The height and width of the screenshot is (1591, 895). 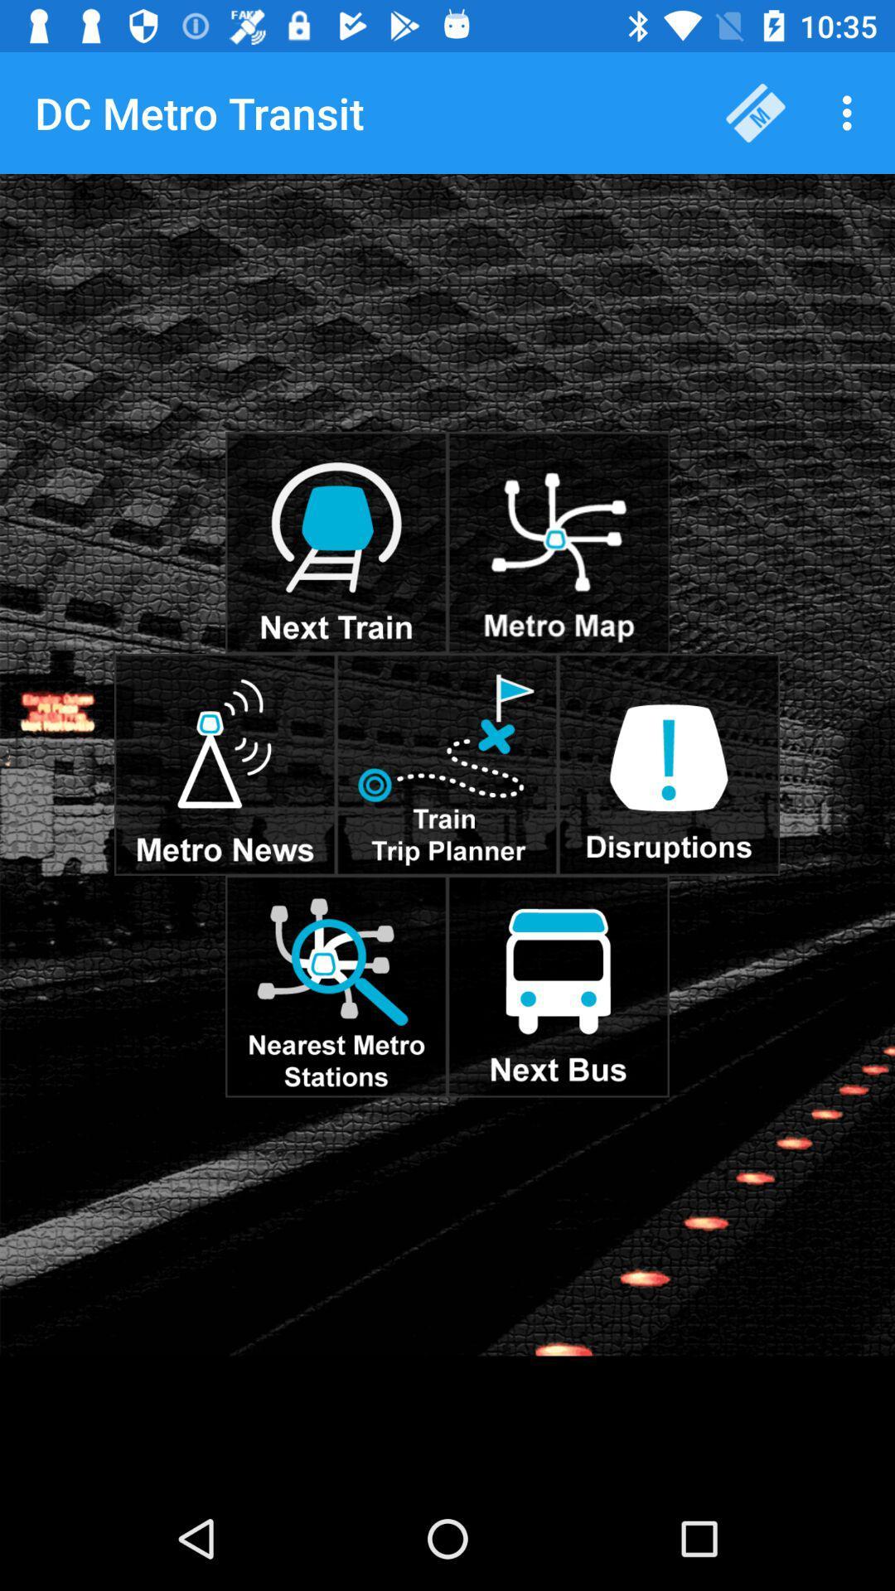 I want to click on nearest metro stations, so click(x=336, y=986).